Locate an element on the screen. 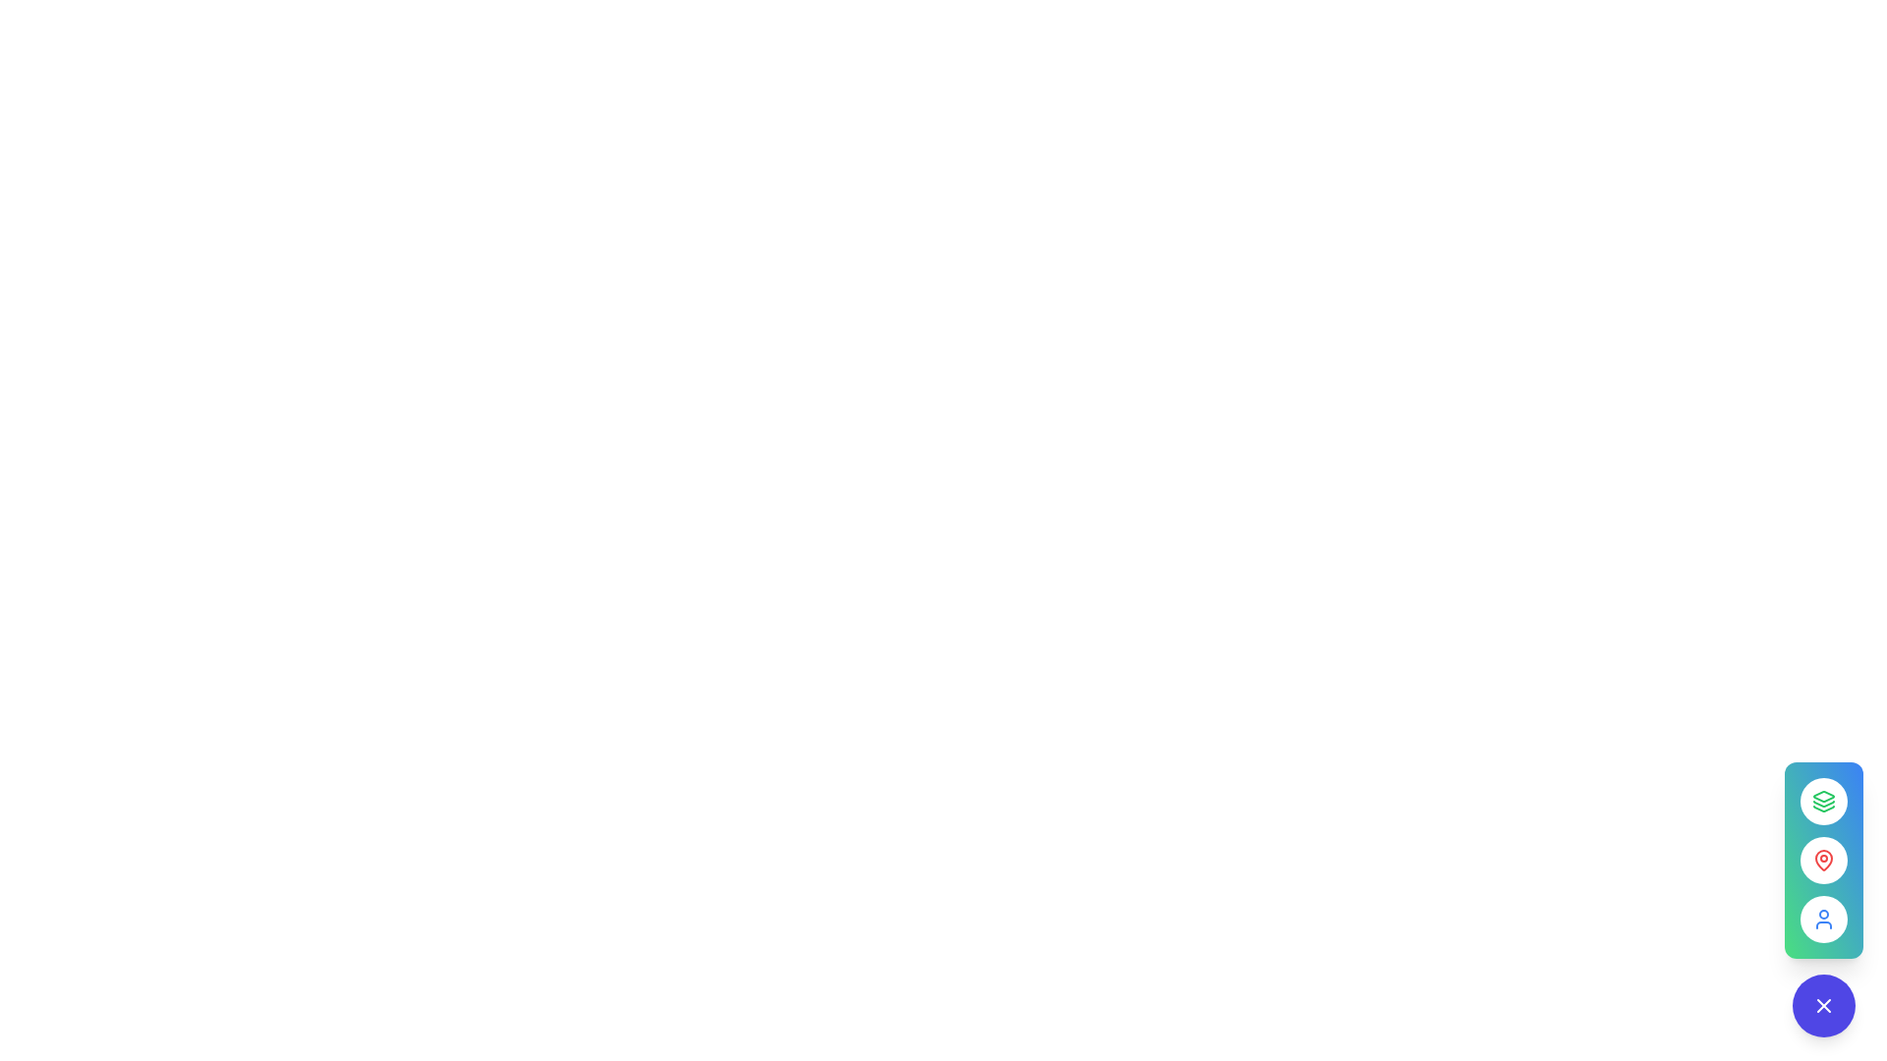 This screenshot has height=1061, width=1887. the red map pin icon button, which is the second item in a vertical stack of three circular icons is located at coordinates (1823, 859).